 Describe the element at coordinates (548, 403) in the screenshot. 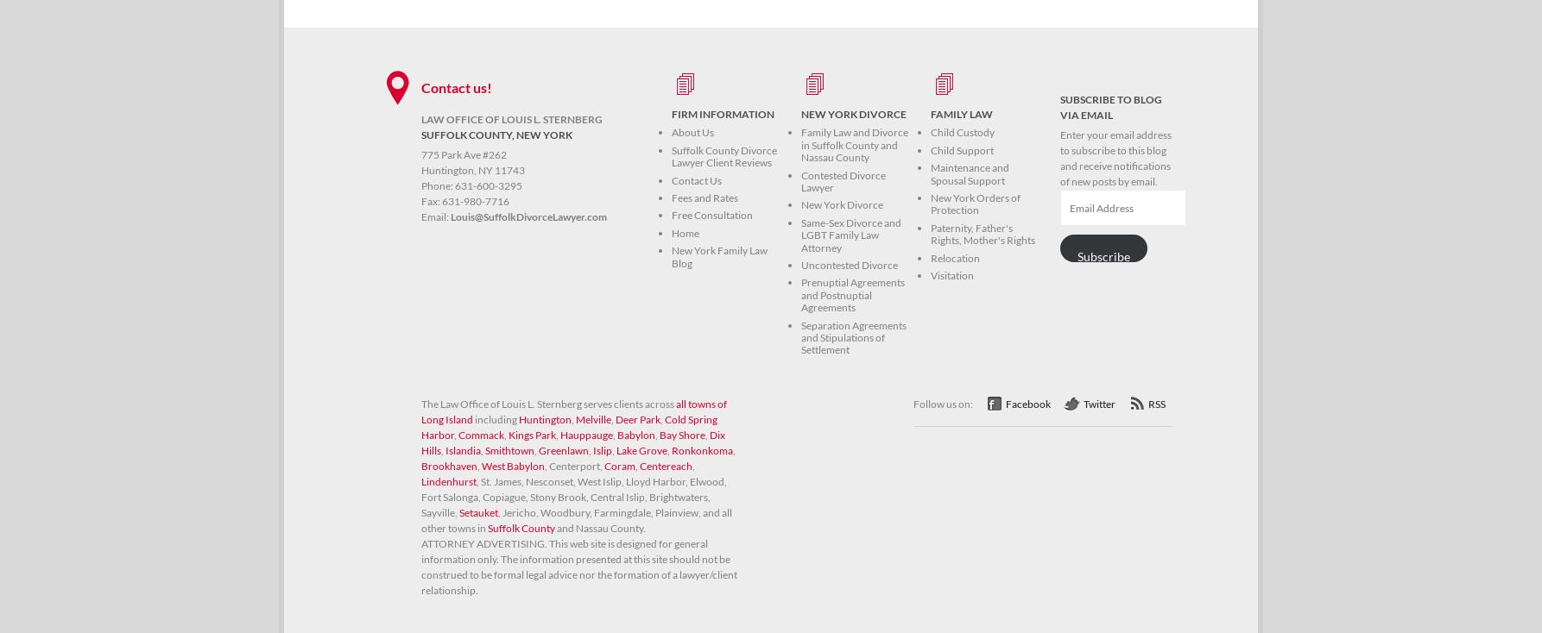

I see `'The Law Office of Louis L. Sternberg serves clients across'` at that location.